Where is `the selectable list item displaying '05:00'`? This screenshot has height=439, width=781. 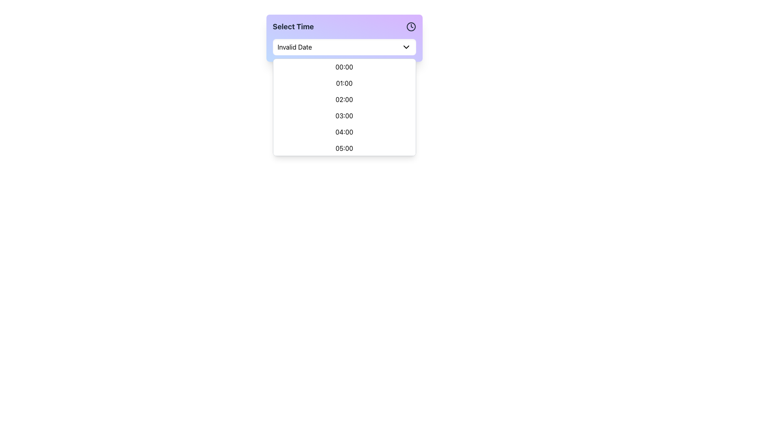 the selectable list item displaying '05:00' is located at coordinates (344, 148).